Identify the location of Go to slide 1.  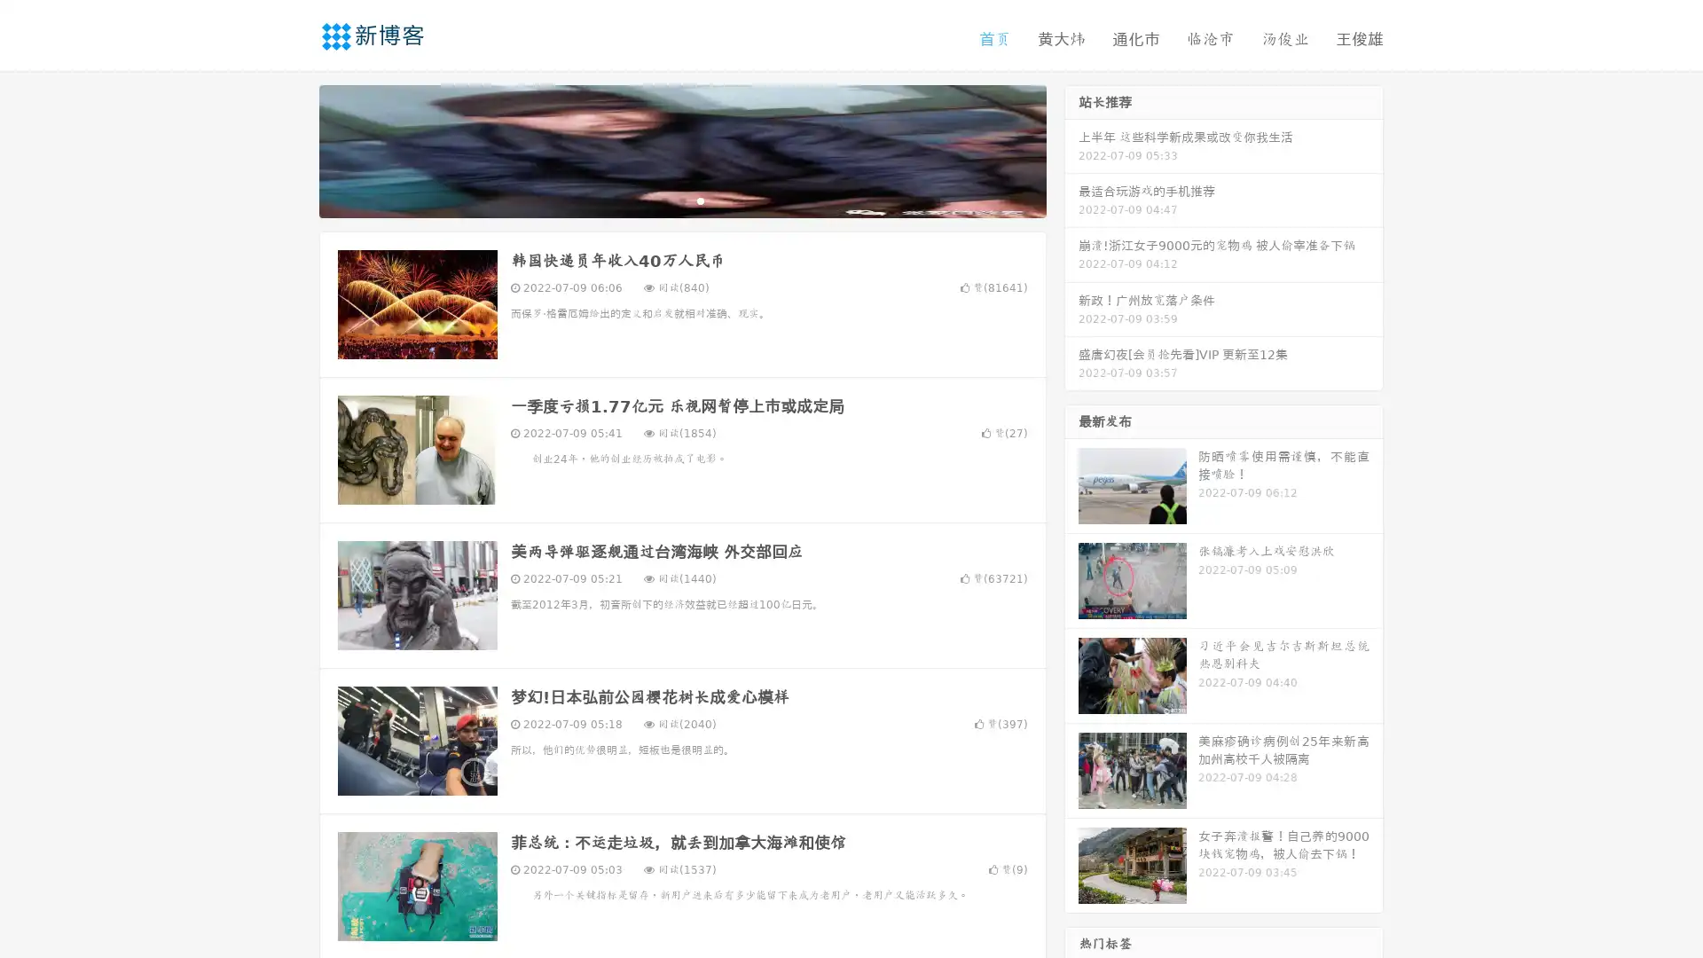
(663, 200).